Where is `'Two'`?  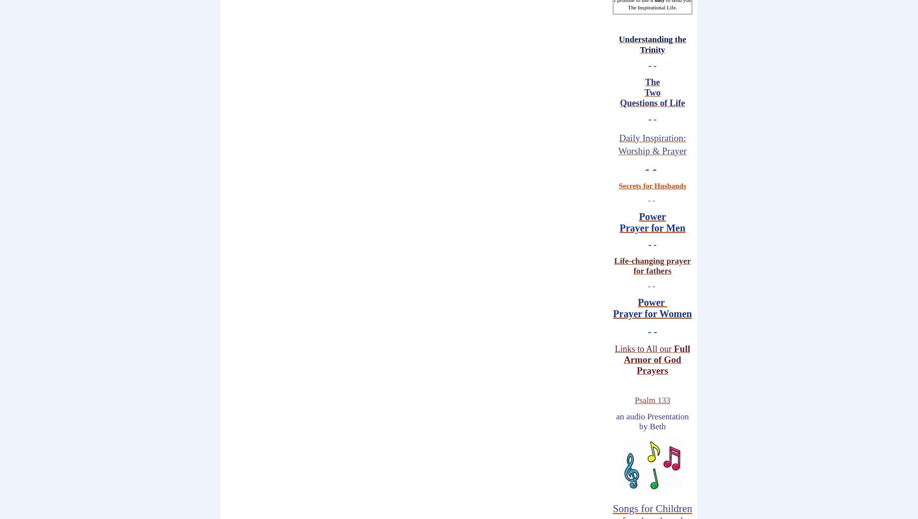
'Two' is located at coordinates (652, 92).